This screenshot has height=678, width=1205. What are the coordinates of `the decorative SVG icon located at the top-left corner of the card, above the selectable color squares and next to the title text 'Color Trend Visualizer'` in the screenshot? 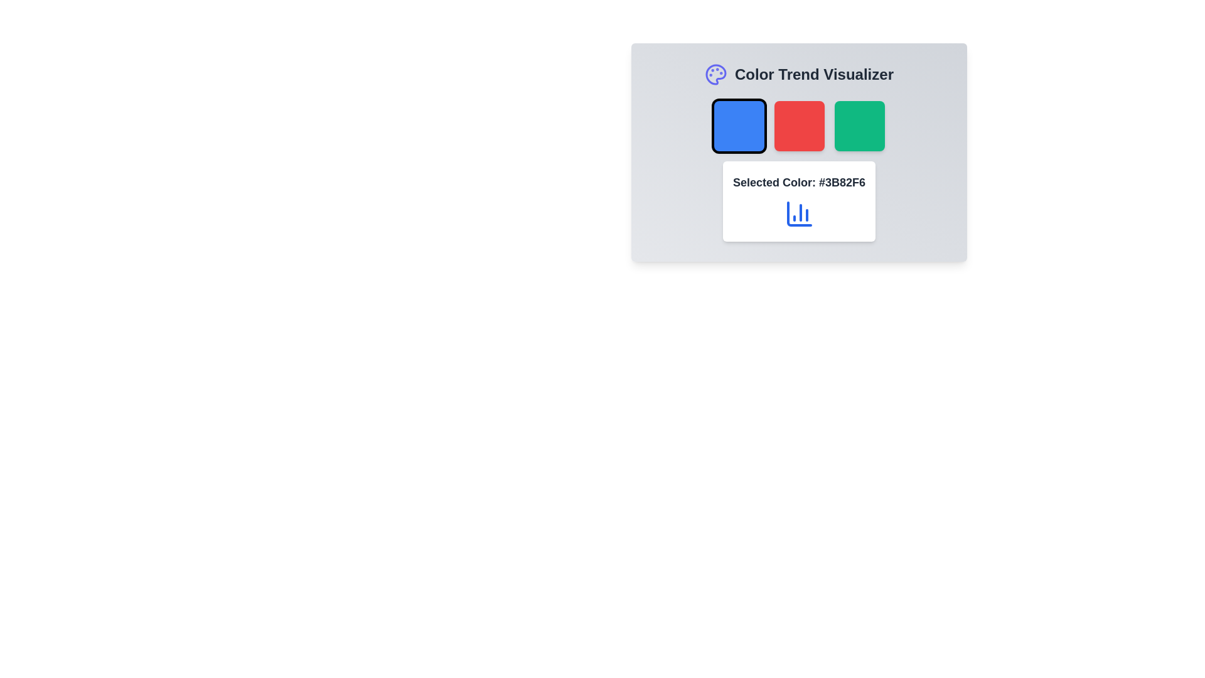 It's located at (716, 75).